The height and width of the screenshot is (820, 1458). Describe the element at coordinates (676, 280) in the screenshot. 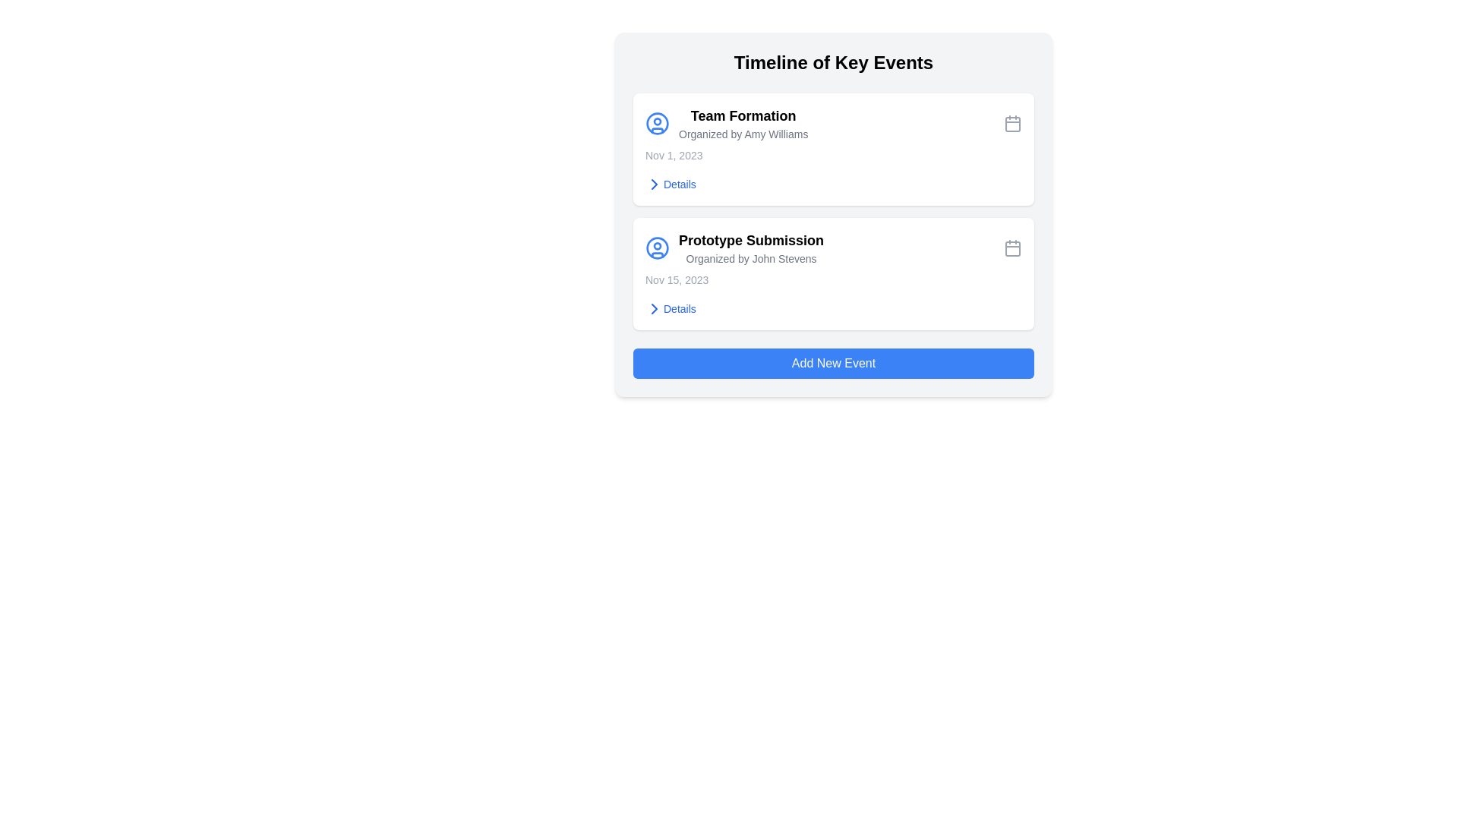

I see `the date label indicating the relevant date for the 'Prototype Submission' event, which is located below the main title and subtitle within the 'Prototype Submission' card` at that location.